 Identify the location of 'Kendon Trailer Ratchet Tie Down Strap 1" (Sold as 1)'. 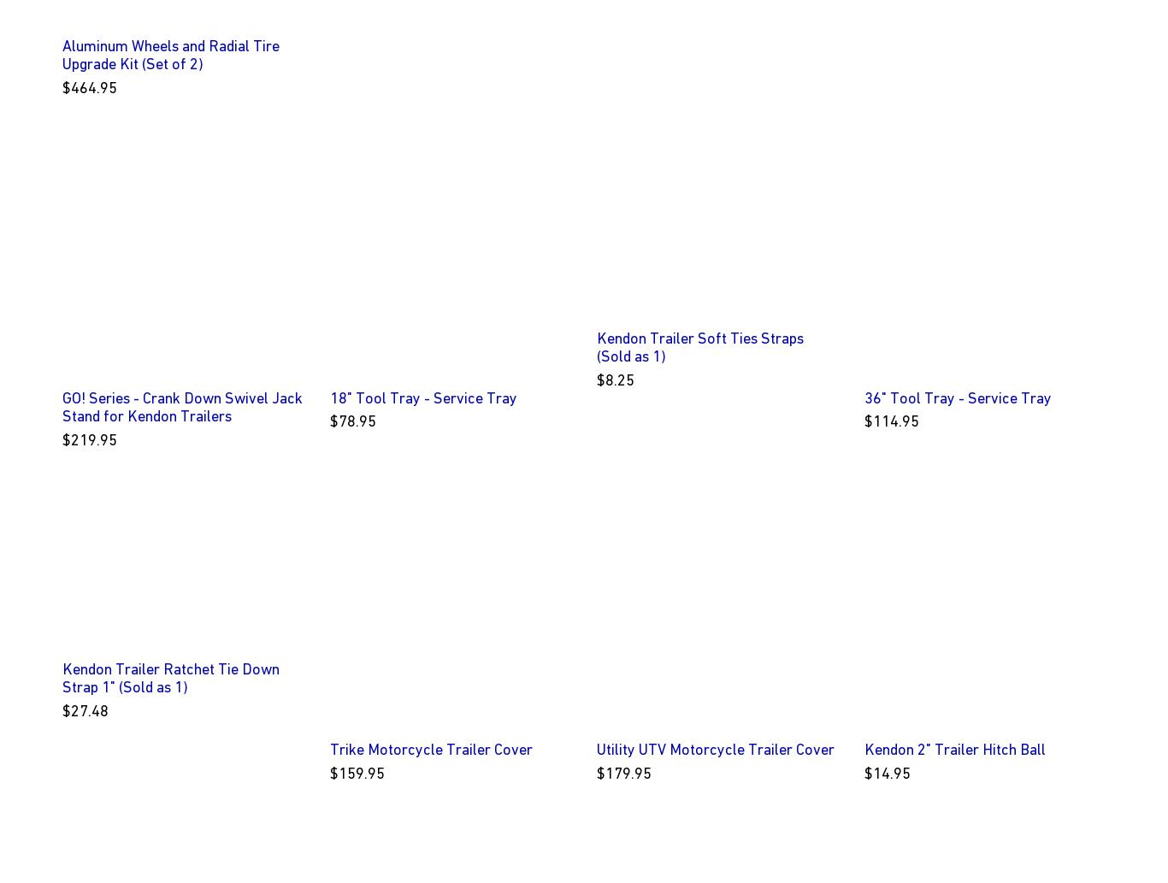
(62, 677).